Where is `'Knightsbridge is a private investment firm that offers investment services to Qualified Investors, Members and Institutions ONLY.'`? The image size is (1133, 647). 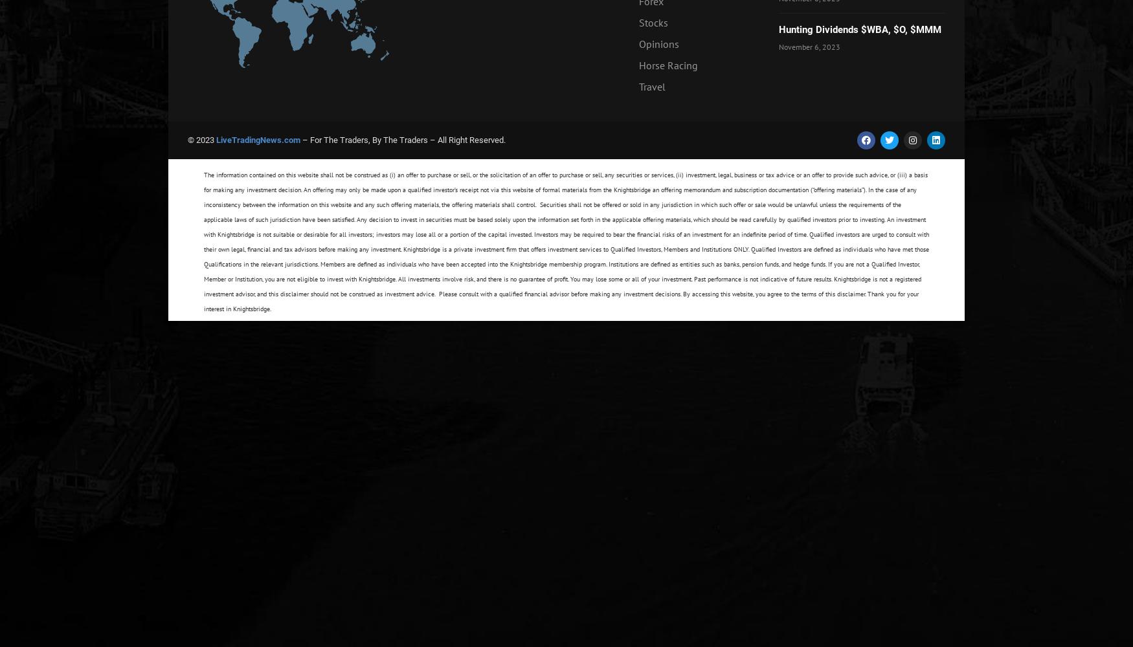
'Knightsbridge is a private investment firm that offers investment services to Qualified Investors, Members and Institutions ONLY.' is located at coordinates (576, 249).